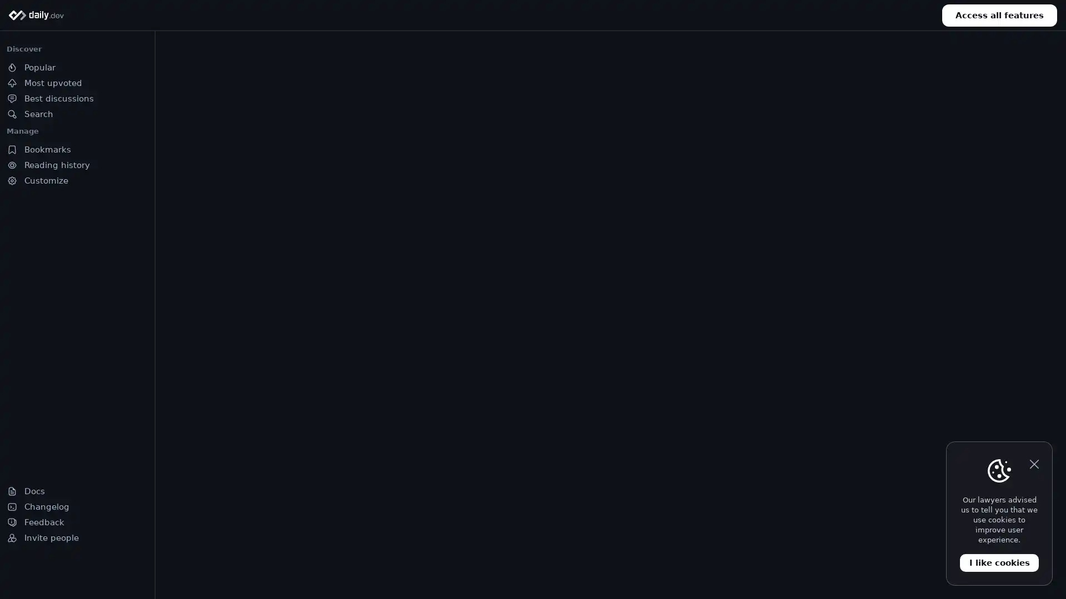 The image size is (1066, 599). What do you see at coordinates (708, 541) in the screenshot?
I see `Comments` at bounding box center [708, 541].